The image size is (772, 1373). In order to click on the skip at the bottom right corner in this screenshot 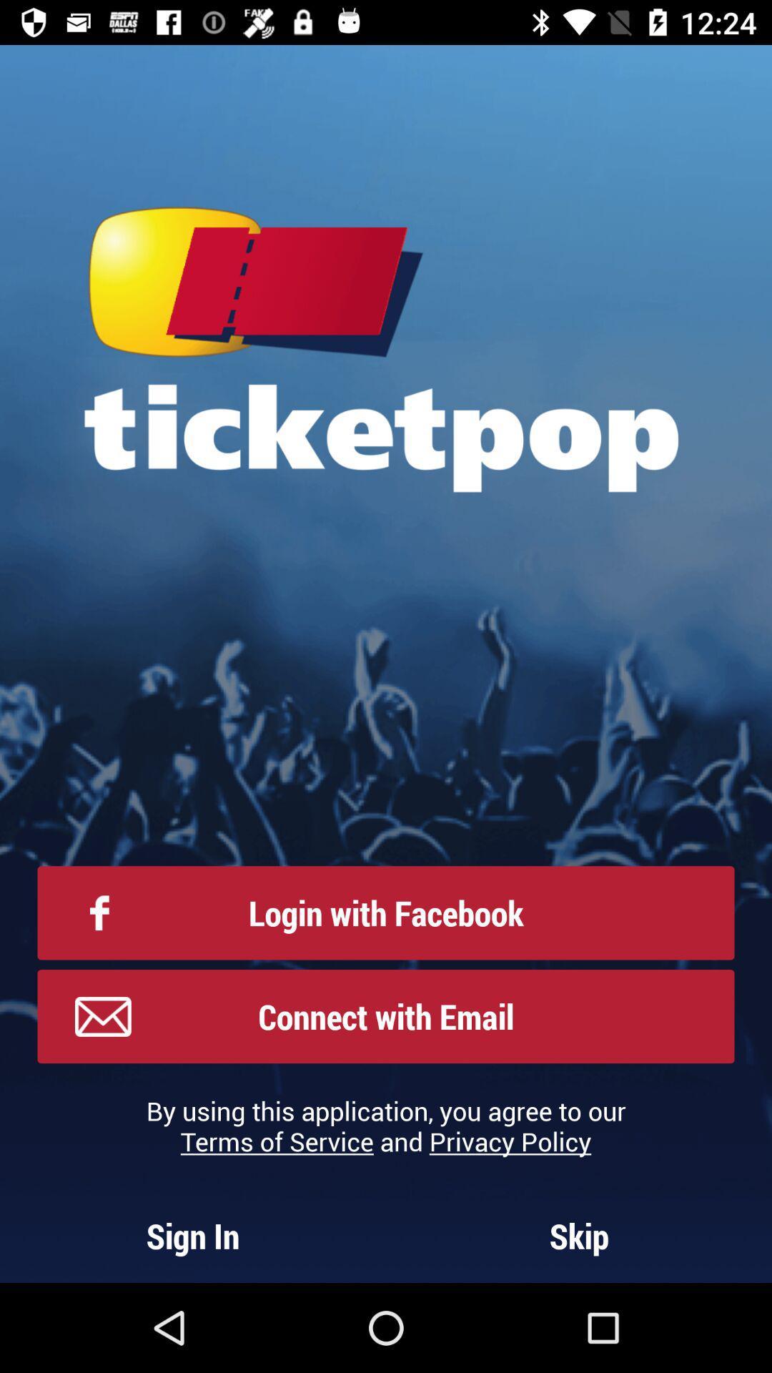, I will do `click(579, 1235)`.